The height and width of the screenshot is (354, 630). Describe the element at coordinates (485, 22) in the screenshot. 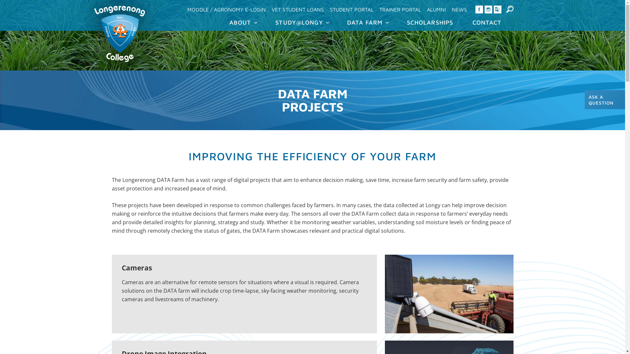

I see `'CONTACT'` at that location.